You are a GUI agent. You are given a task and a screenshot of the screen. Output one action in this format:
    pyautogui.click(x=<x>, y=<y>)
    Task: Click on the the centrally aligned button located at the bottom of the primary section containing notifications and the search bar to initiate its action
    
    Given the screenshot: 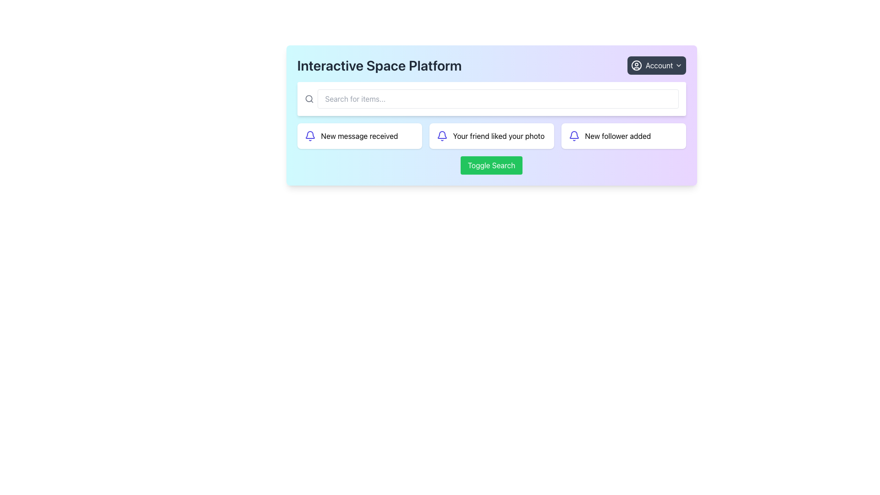 What is the action you would take?
    pyautogui.click(x=491, y=165)
    